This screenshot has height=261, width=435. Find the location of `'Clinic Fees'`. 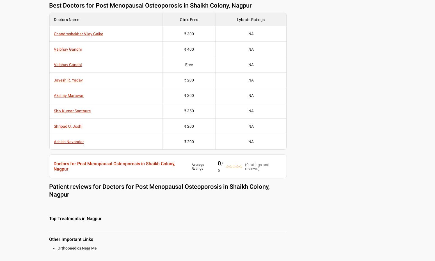

'Clinic Fees' is located at coordinates (189, 19).